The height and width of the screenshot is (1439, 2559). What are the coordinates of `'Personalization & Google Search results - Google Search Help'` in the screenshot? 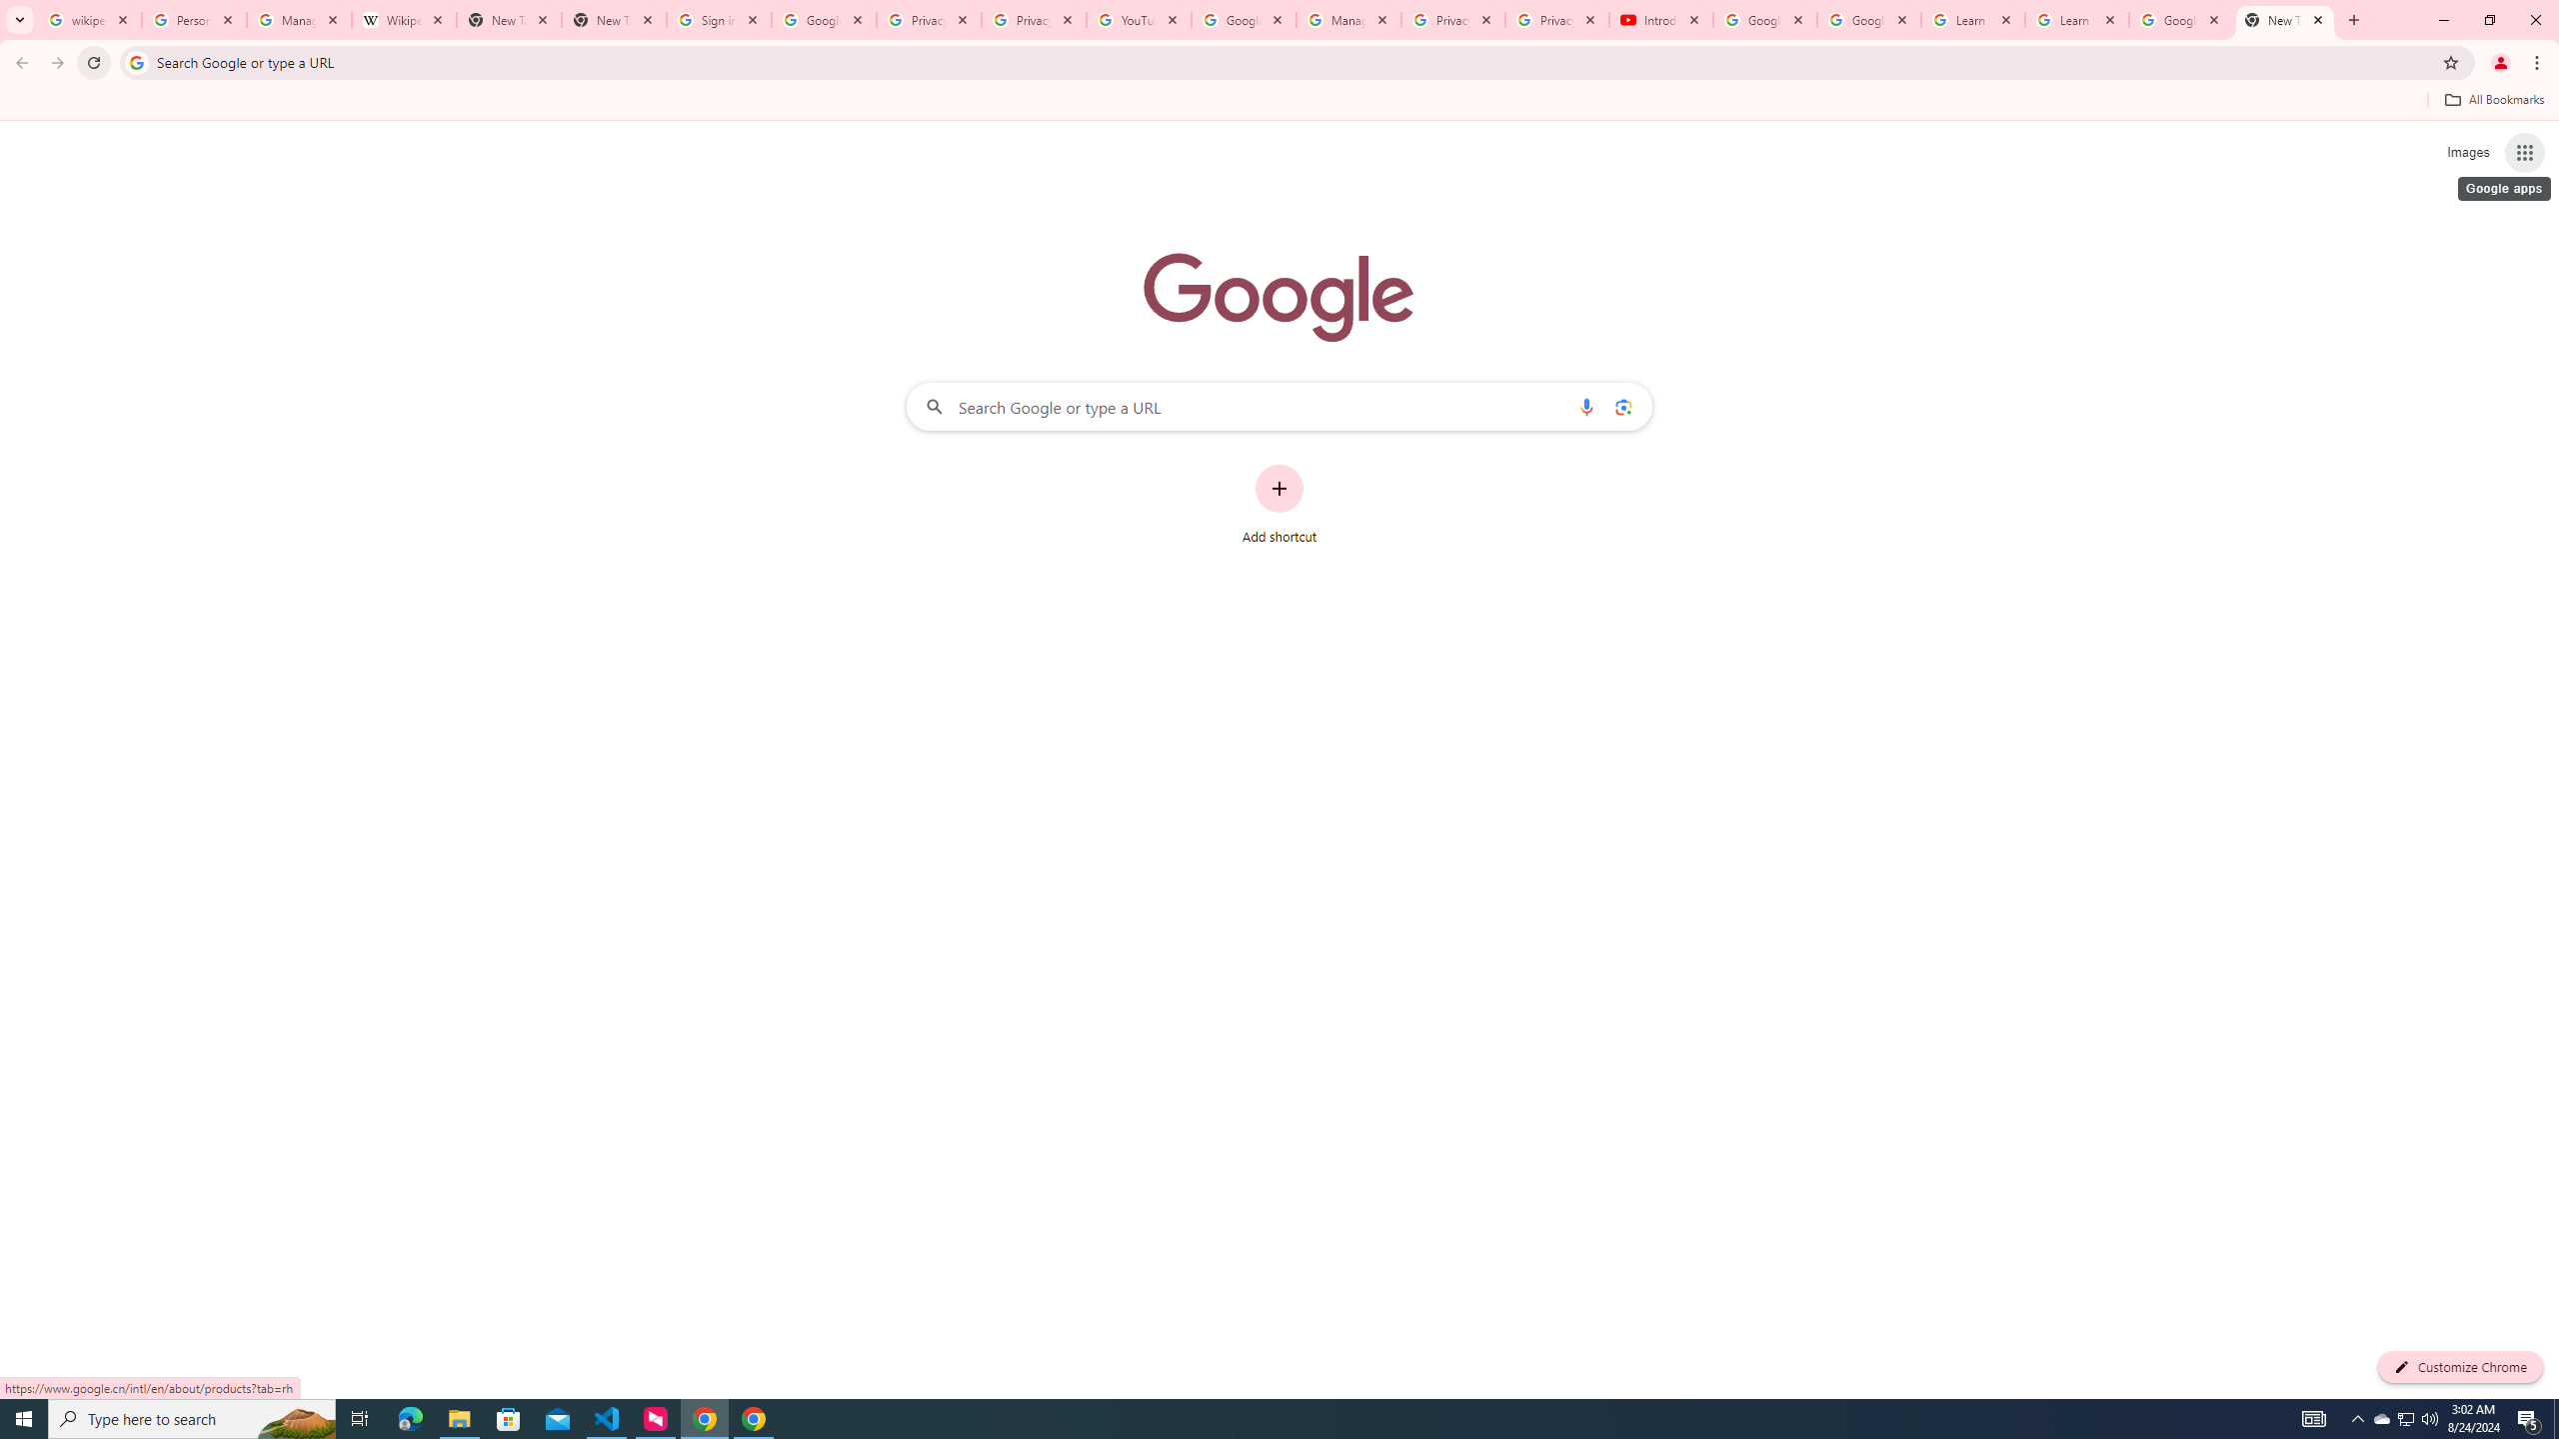 It's located at (193, 19).